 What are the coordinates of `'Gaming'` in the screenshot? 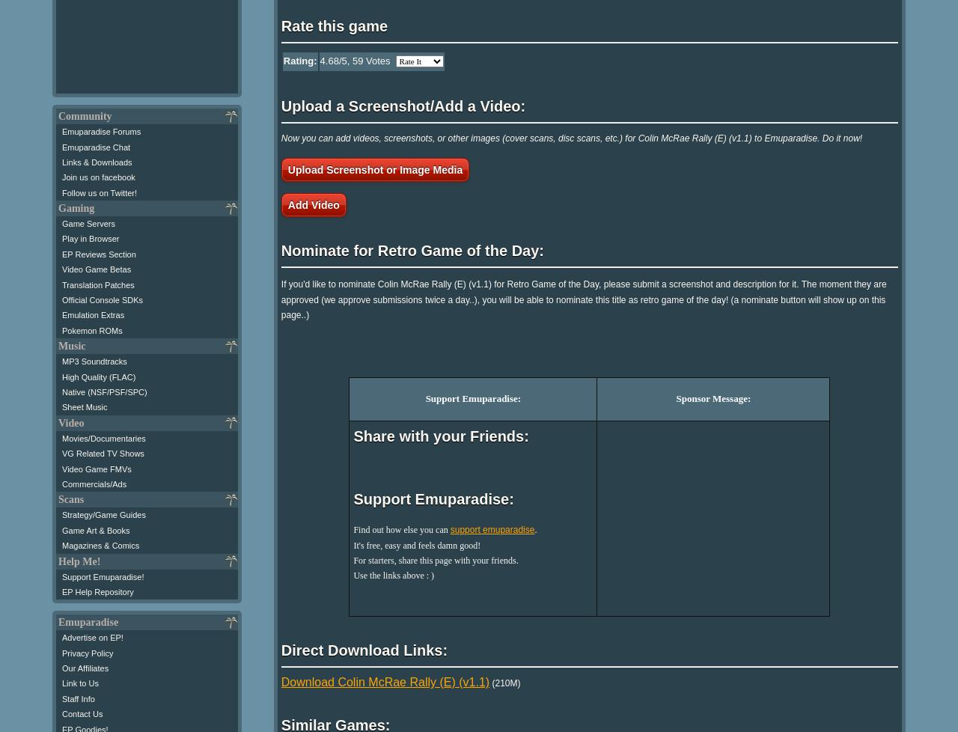 It's located at (76, 207).